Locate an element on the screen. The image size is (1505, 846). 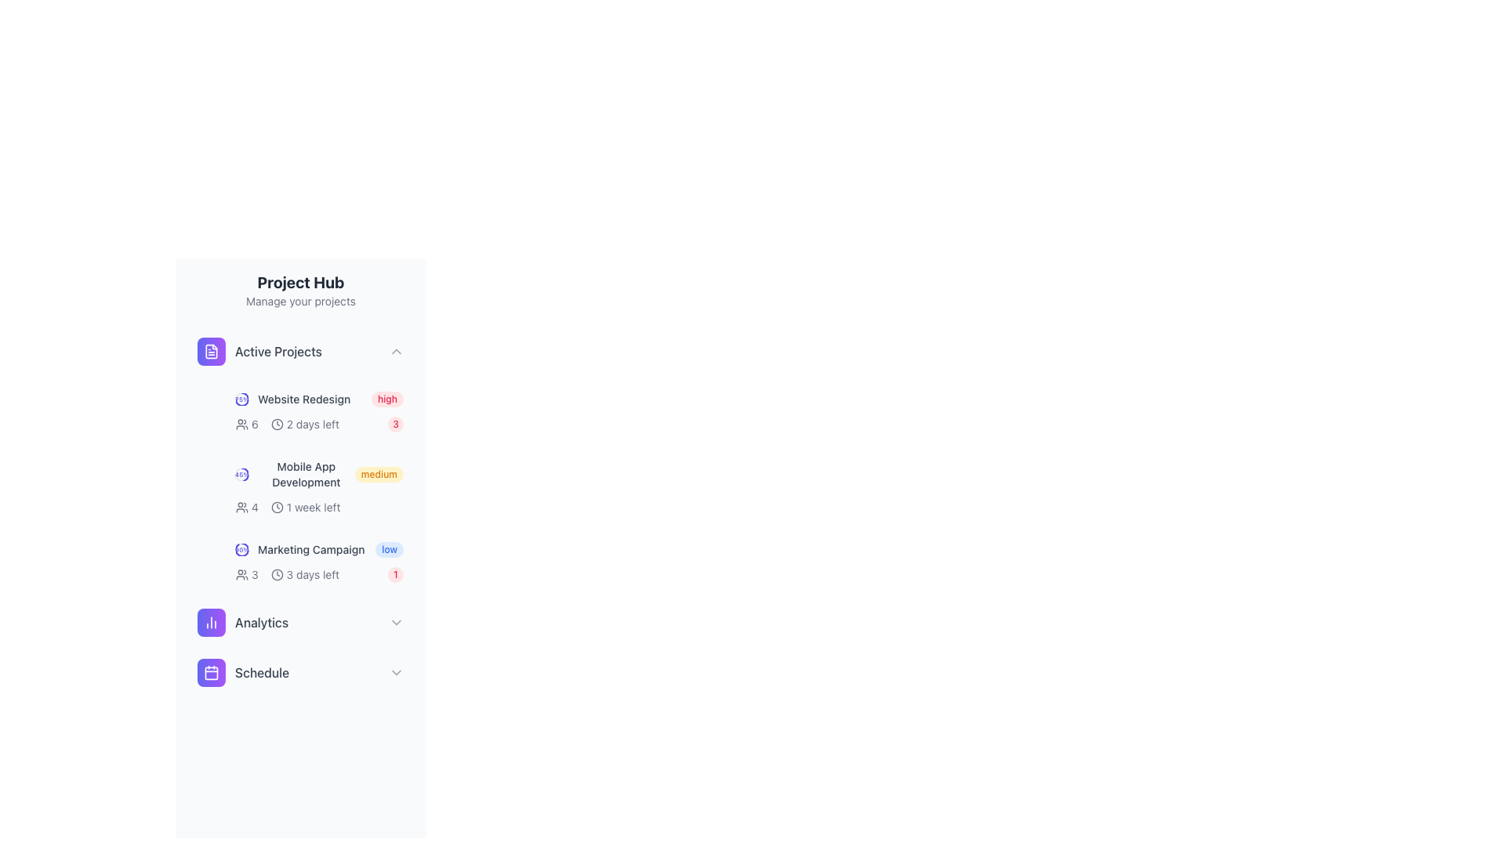
the chevron icon located to the right side of the 'Schedule' label within the rounded button group is located at coordinates (396, 672).